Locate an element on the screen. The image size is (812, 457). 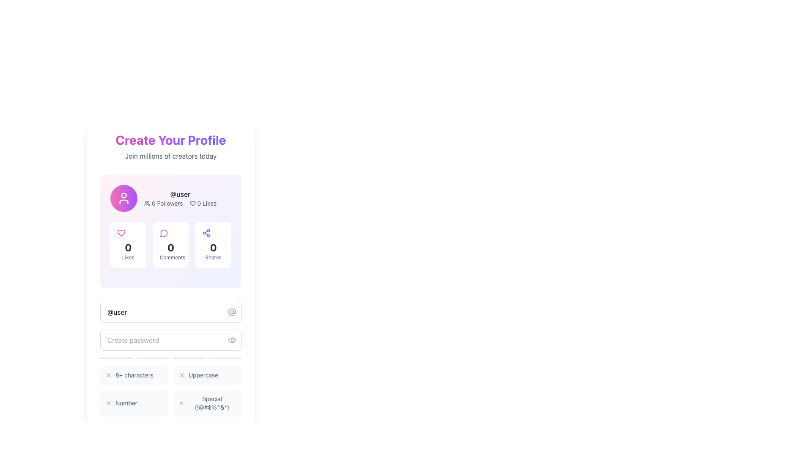
the heart icon representing the 'Likes' feature located in the left-most slot of the trio of counters under the profile section to indicate appreciation for content is located at coordinates (121, 233).